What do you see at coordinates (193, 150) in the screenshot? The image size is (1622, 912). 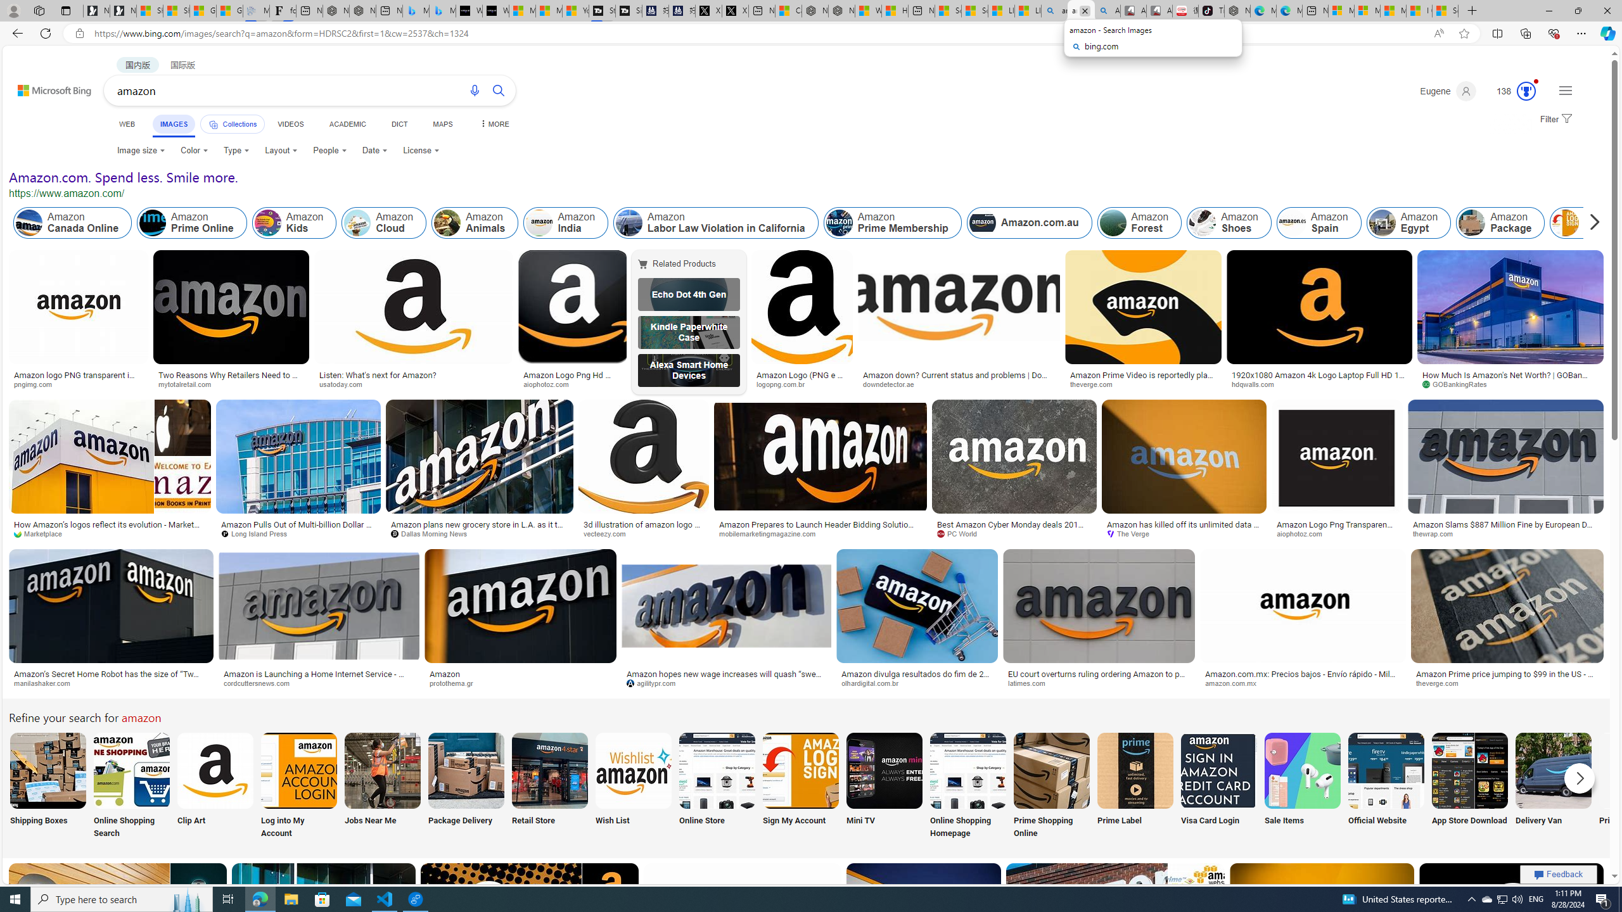 I see `'Color'` at bounding box center [193, 150].